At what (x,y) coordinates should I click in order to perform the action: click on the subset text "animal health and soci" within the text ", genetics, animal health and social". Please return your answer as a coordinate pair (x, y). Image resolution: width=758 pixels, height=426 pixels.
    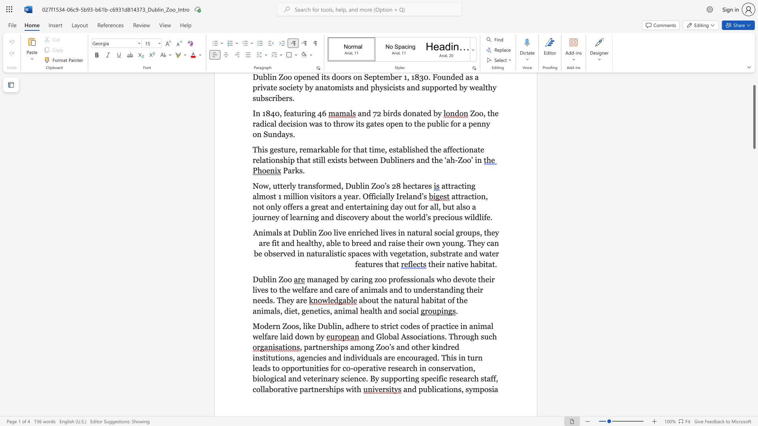
    Looking at the image, I should click on (334, 310).